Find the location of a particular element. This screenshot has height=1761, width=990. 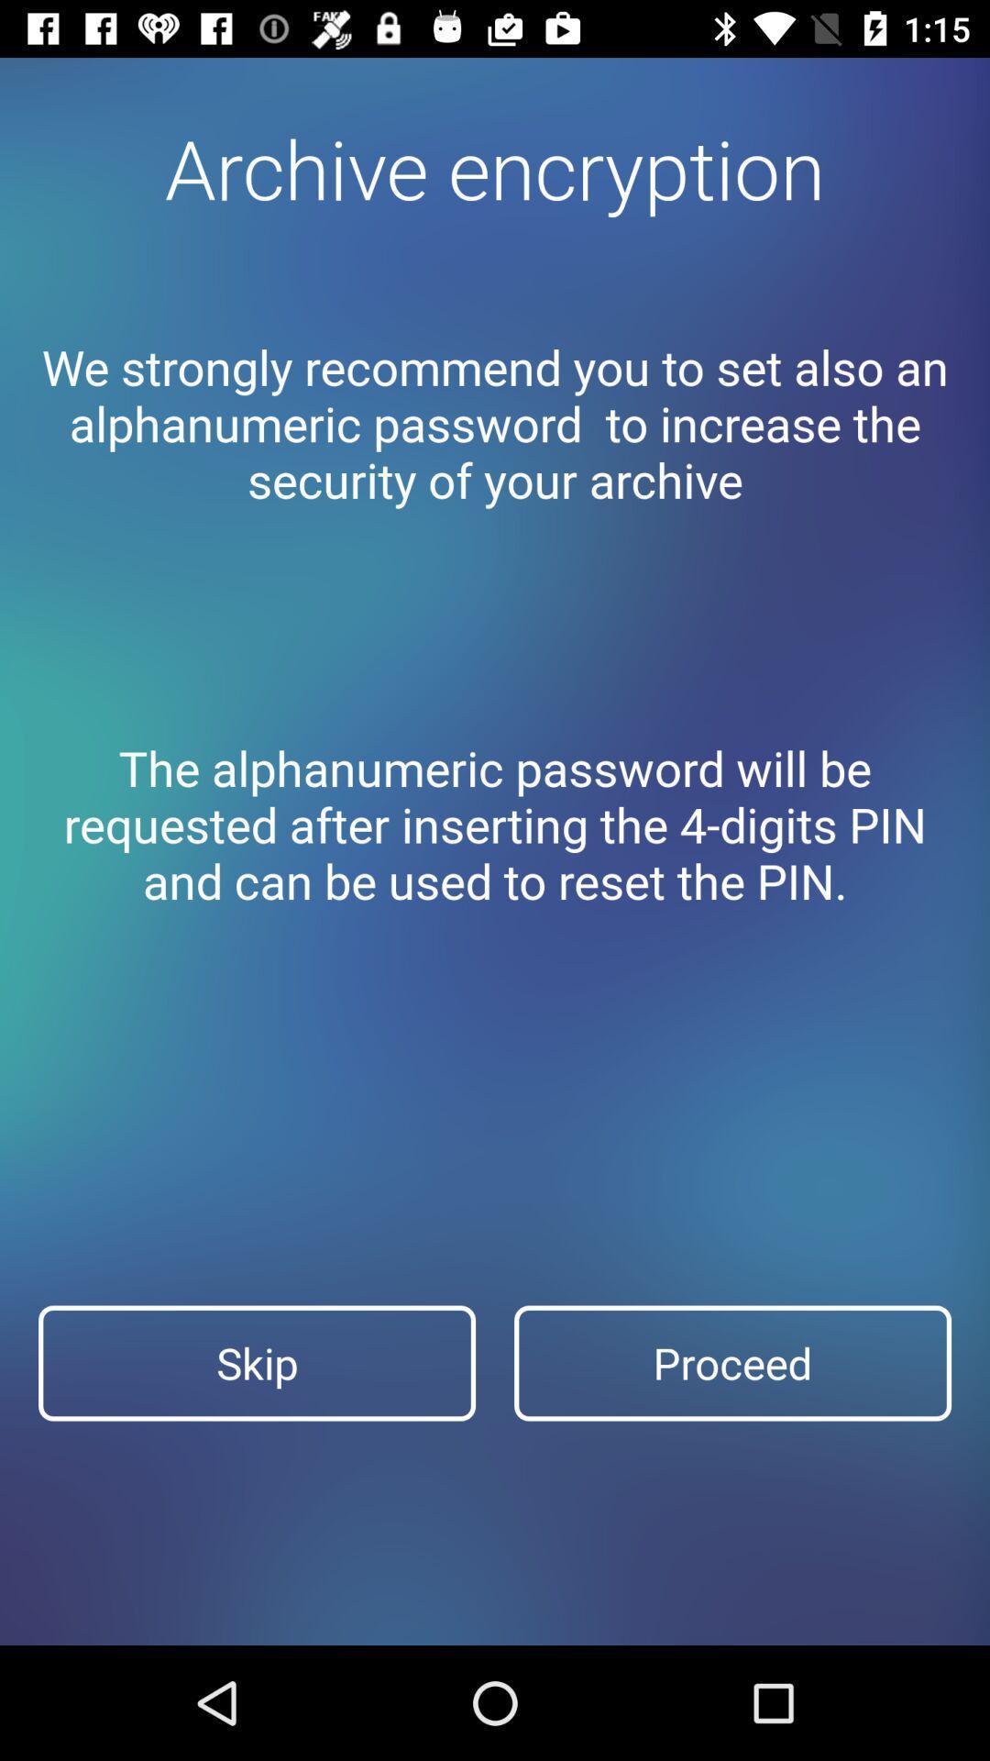

skip icon is located at coordinates (257, 1363).